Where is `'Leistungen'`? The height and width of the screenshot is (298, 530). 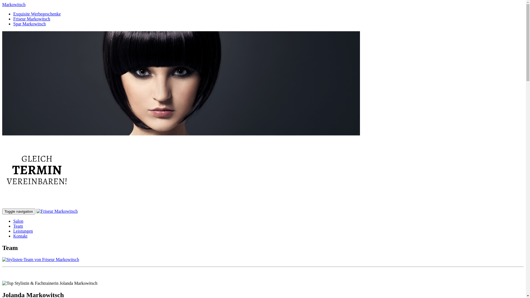 'Leistungen' is located at coordinates (23, 231).